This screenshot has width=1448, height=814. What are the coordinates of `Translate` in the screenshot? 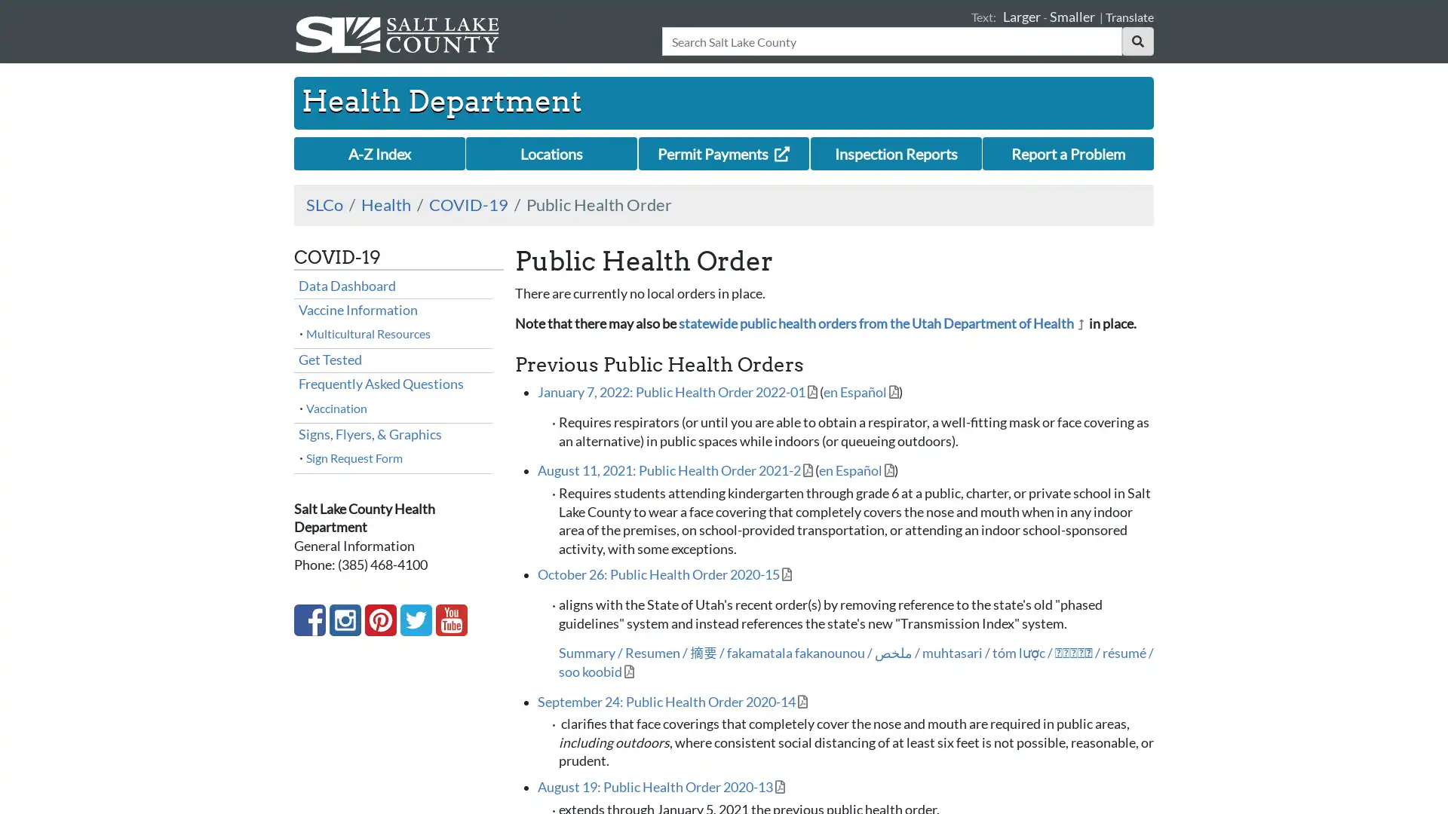 It's located at (1129, 17).